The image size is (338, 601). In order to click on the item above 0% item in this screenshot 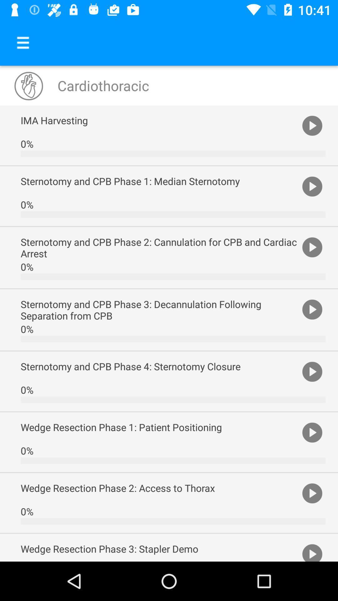, I will do `click(159, 120)`.